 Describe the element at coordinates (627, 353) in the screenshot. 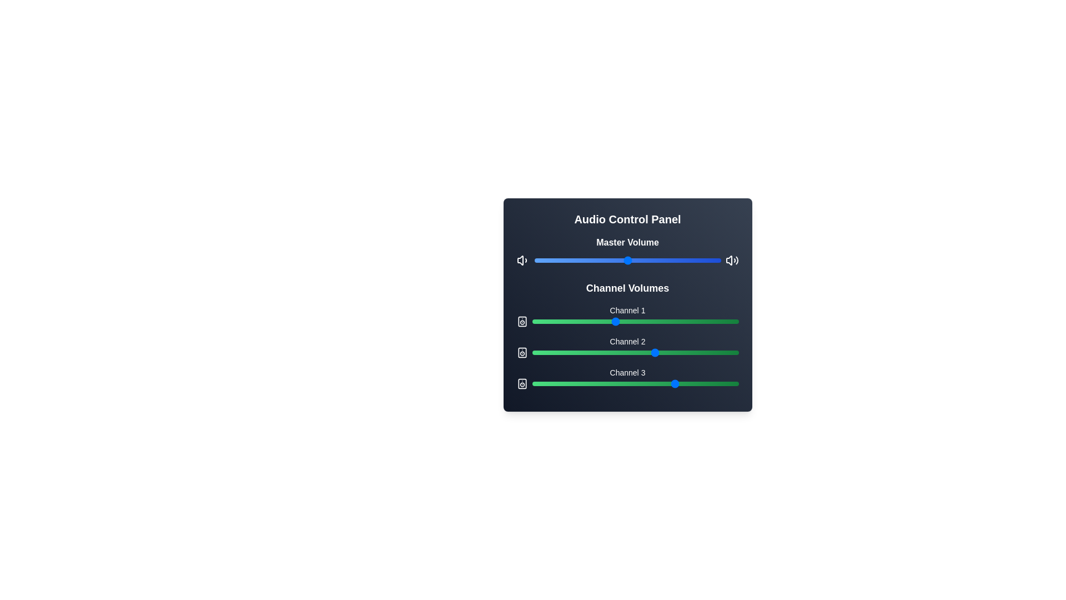

I see `the audio volume slider for 'Channel 2'` at that location.